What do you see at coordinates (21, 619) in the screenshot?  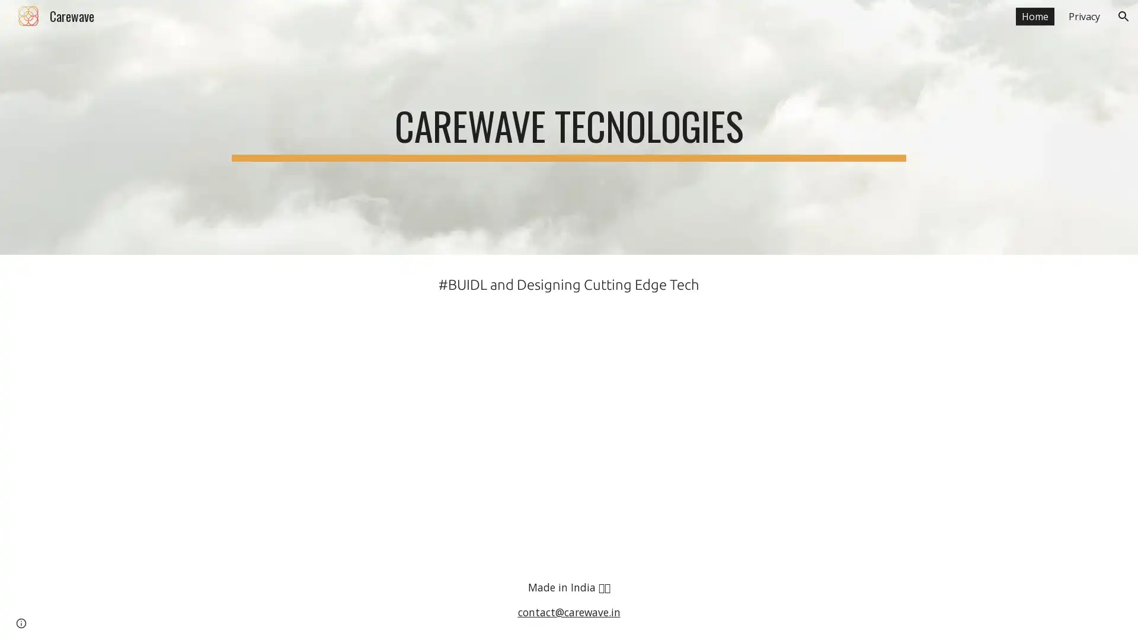 I see `Site actions` at bounding box center [21, 619].